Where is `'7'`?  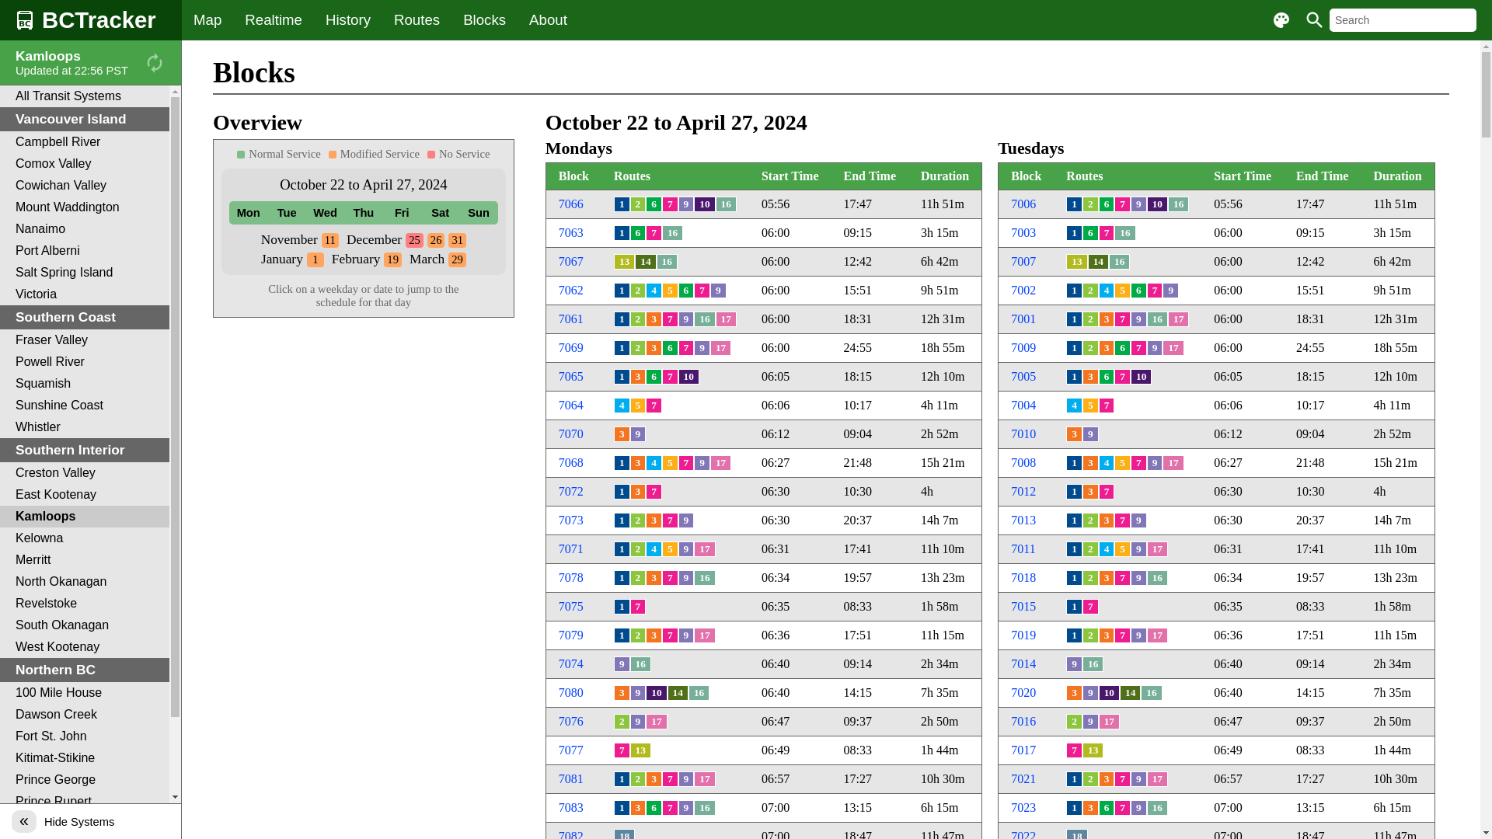
'7' is located at coordinates (670, 578).